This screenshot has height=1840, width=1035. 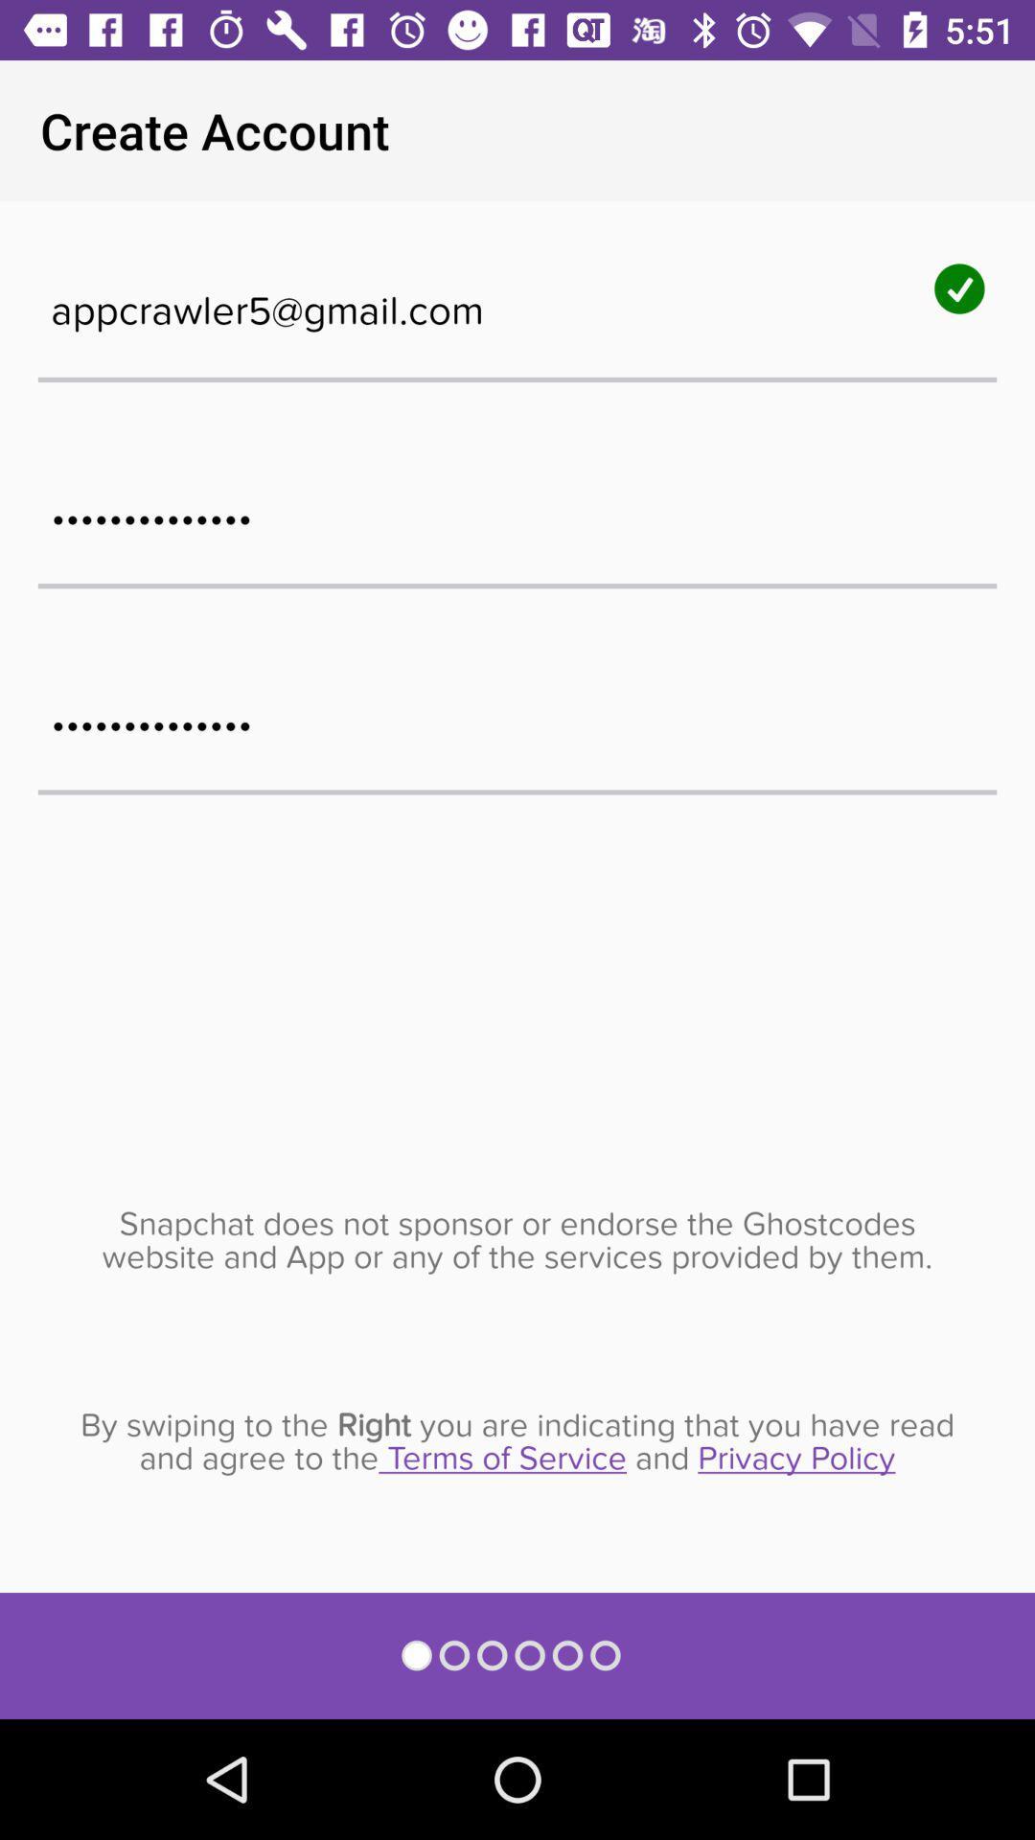 What do you see at coordinates (517, 1442) in the screenshot?
I see `by swiping to item` at bounding box center [517, 1442].